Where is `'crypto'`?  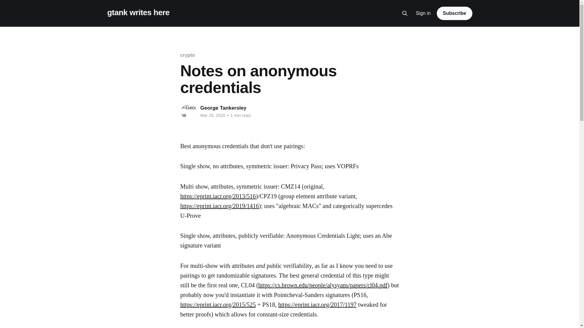 'crypto' is located at coordinates (187, 55).